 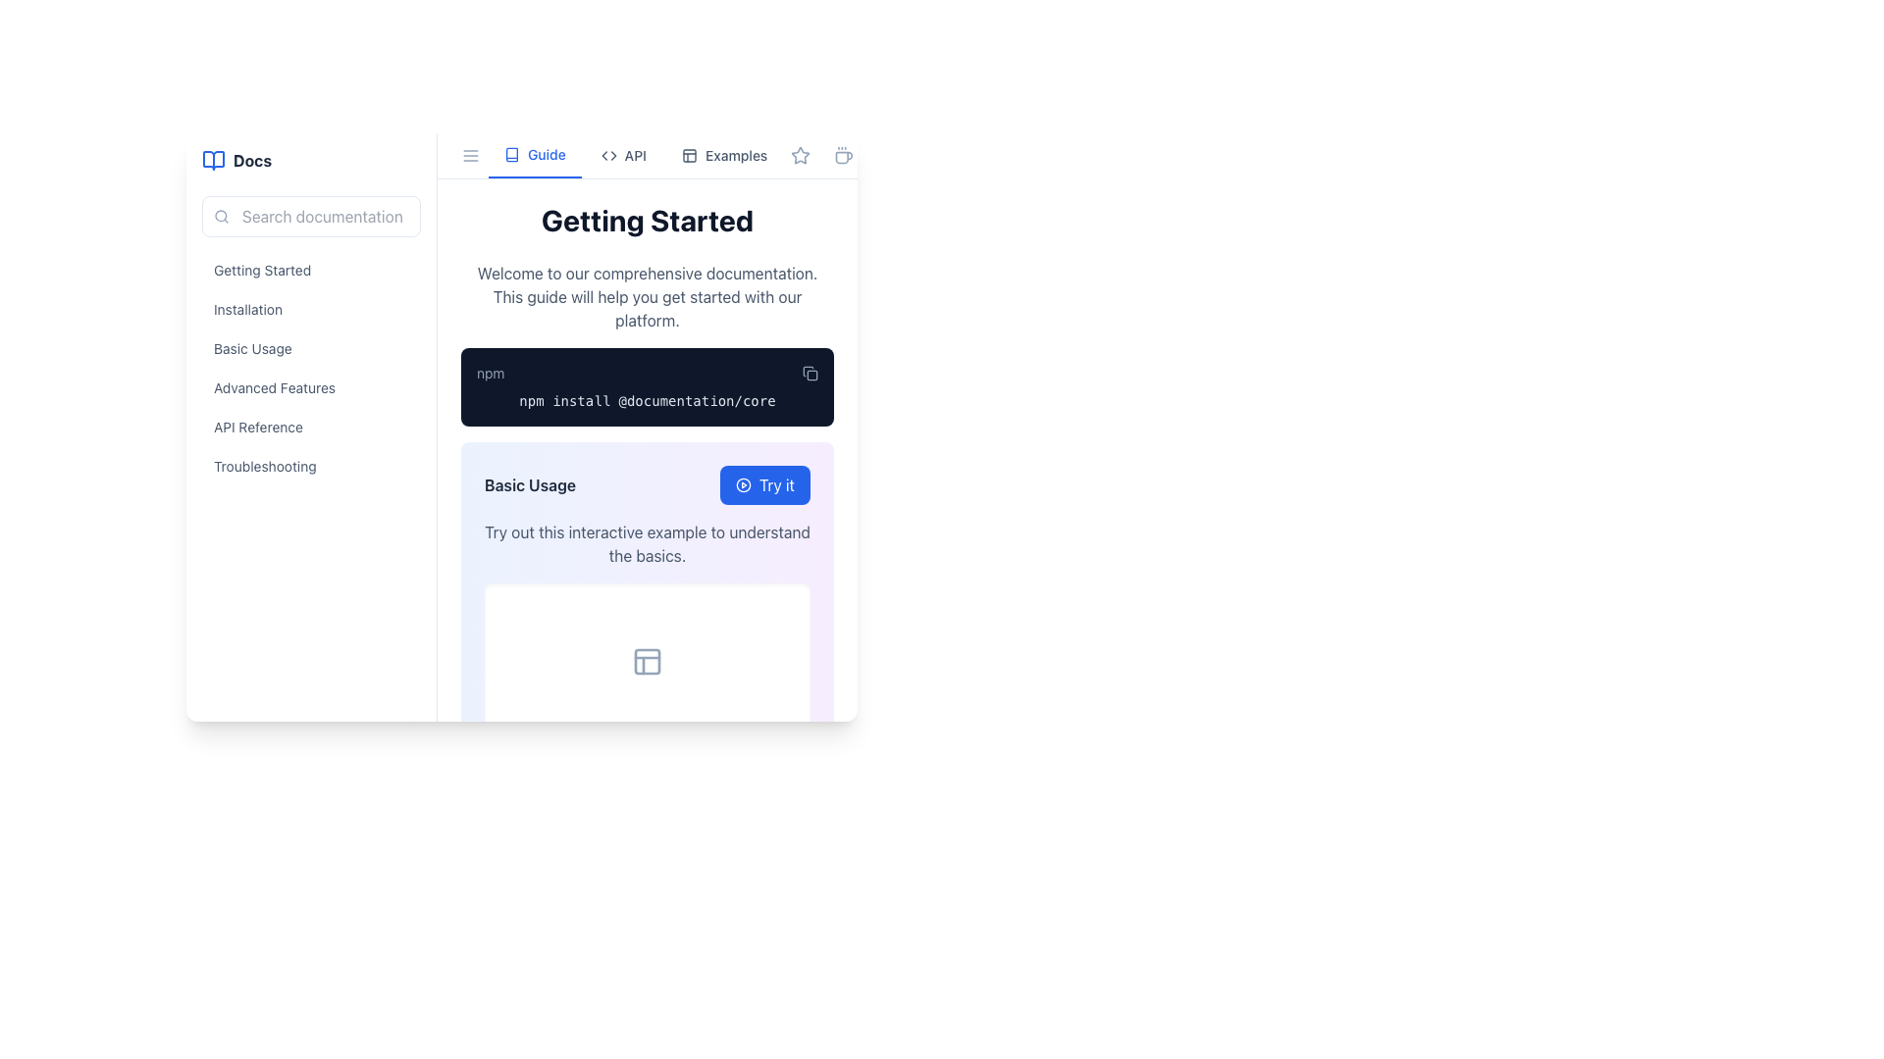 I want to click on the visual style of the minimalist stroke-style icon resembling a square with segmented lines, located to the left of the 'Examples' text in the header navigation bar at the top-right of the page, so click(x=689, y=154).